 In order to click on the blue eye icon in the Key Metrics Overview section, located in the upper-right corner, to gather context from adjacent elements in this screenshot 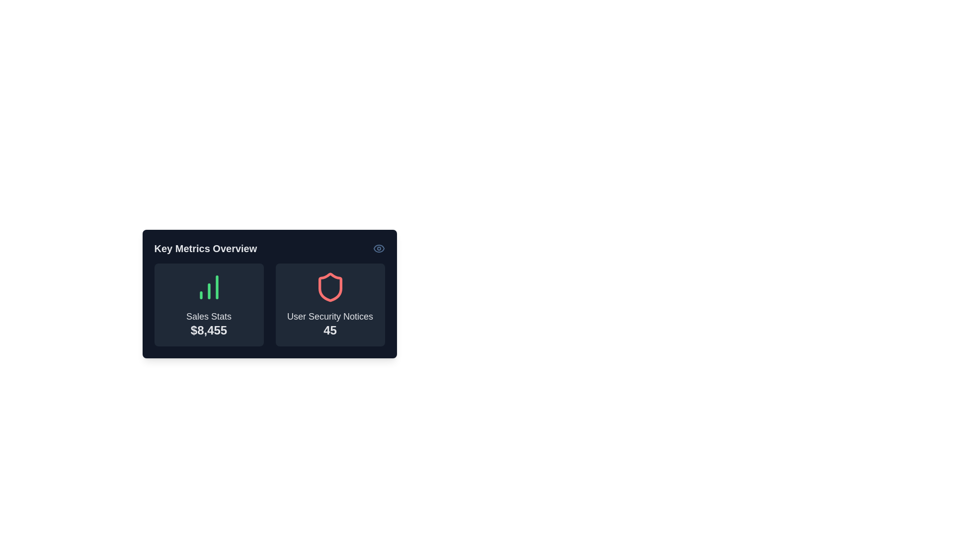, I will do `click(378, 248)`.